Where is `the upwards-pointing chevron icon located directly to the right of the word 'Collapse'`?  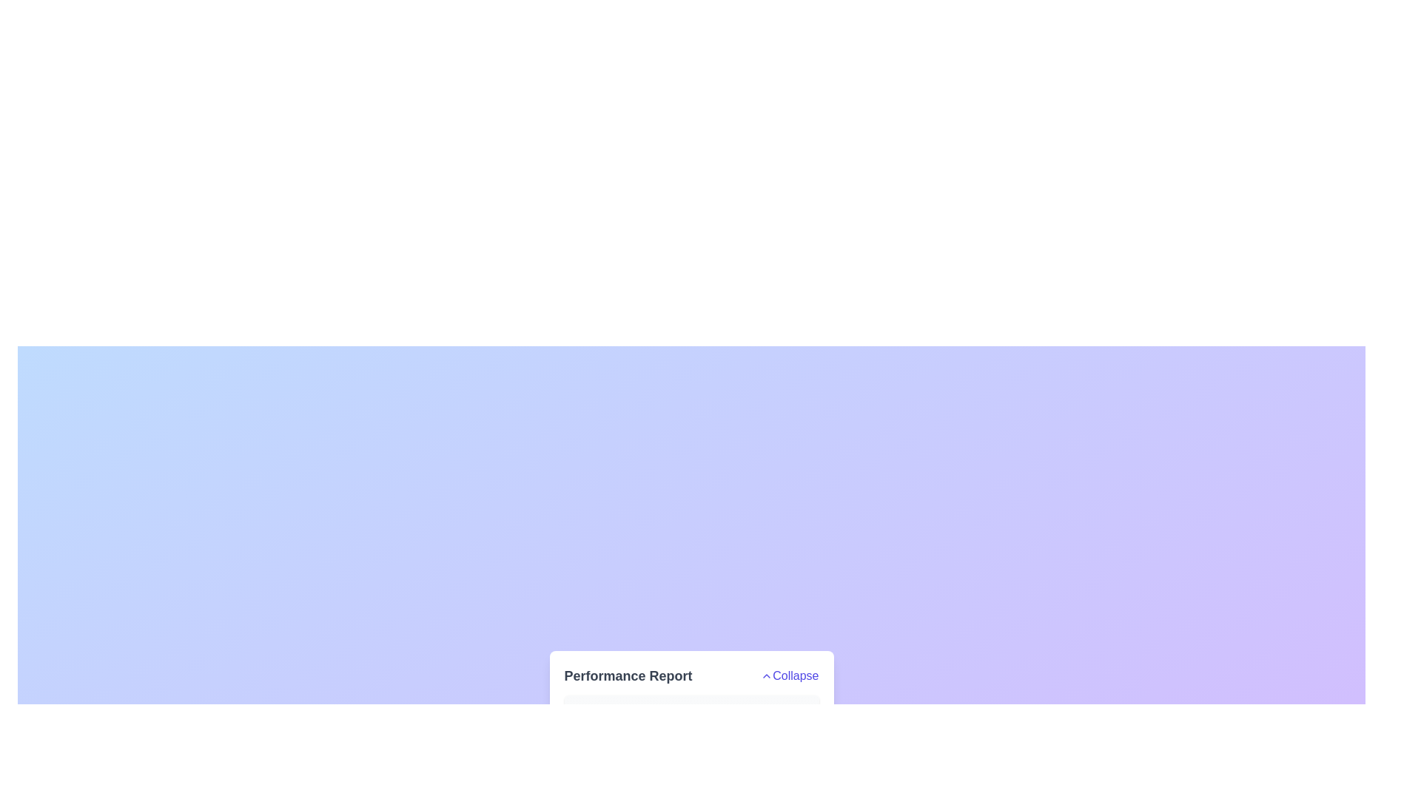
the upwards-pointing chevron icon located directly to the right of the word 'Collapse' is located at coordinates (767, 676).